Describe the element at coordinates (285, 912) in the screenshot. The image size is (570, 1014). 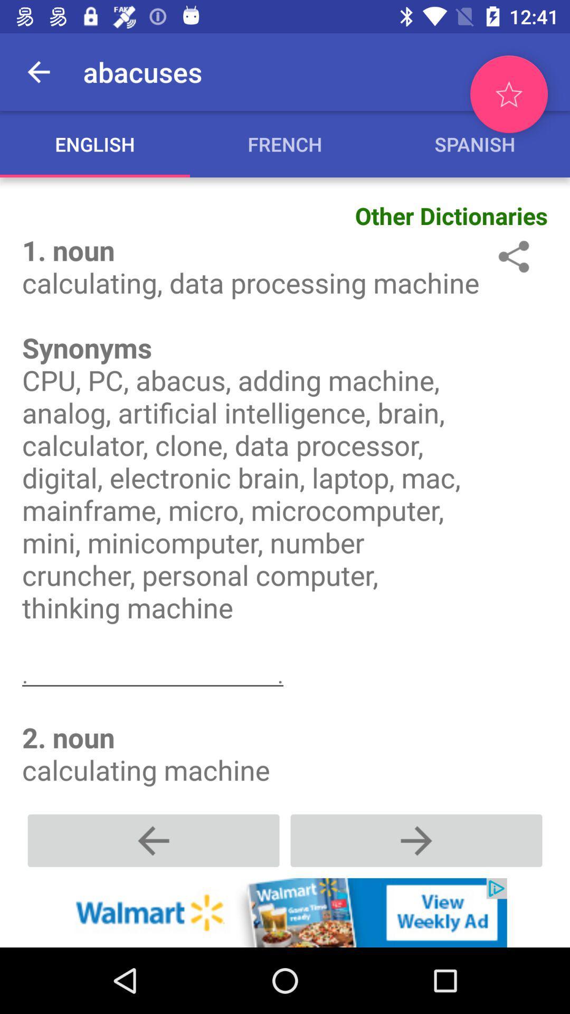
I see `this is an advertisement` at that location.